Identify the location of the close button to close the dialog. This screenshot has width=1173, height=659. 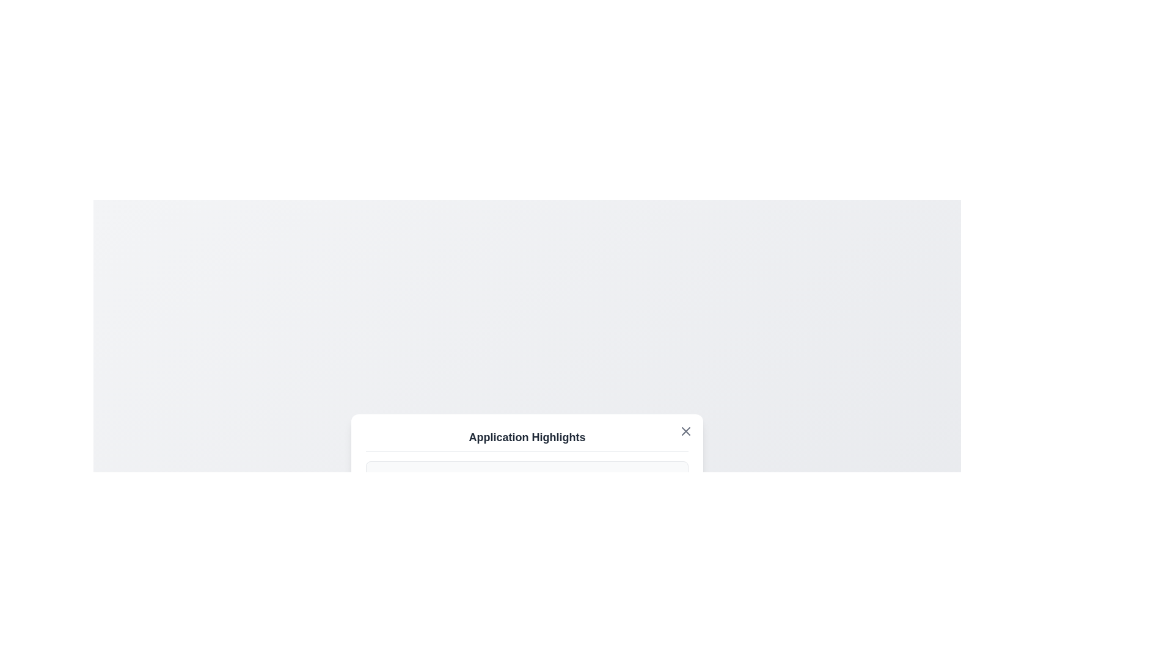
(686, 430).